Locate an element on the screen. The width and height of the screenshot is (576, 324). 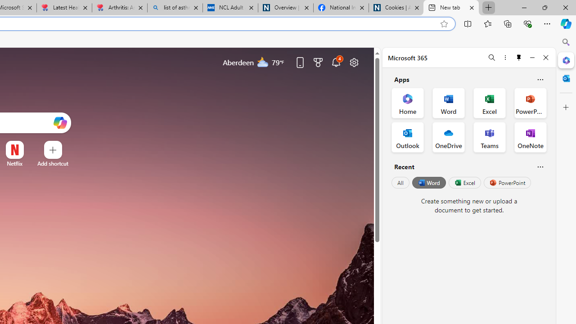
'Teams Office App' is located at coordinates (489, 137).